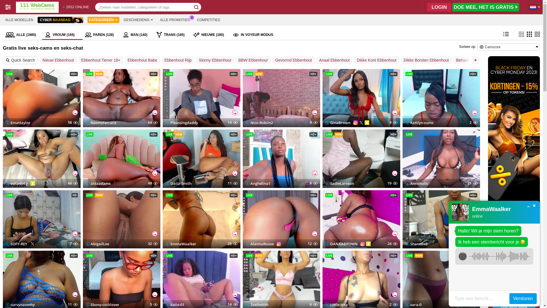 This screenshot has width=547, height=308. Describe the element at coordinates (60, 19) in the screenshot. I see `'CYBER MAANDAG'` at that location.